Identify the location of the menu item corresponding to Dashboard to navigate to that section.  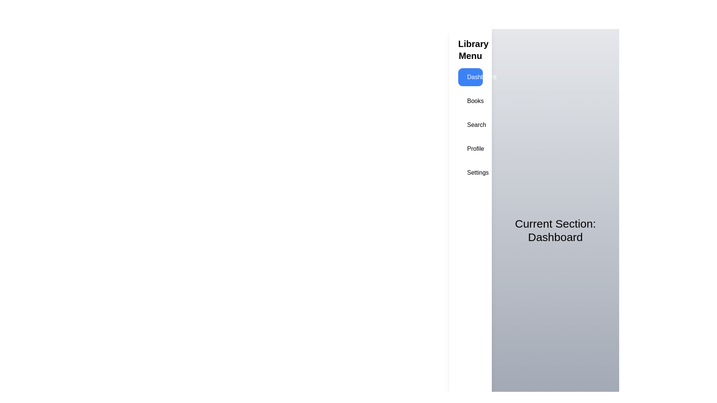
(470, 77).